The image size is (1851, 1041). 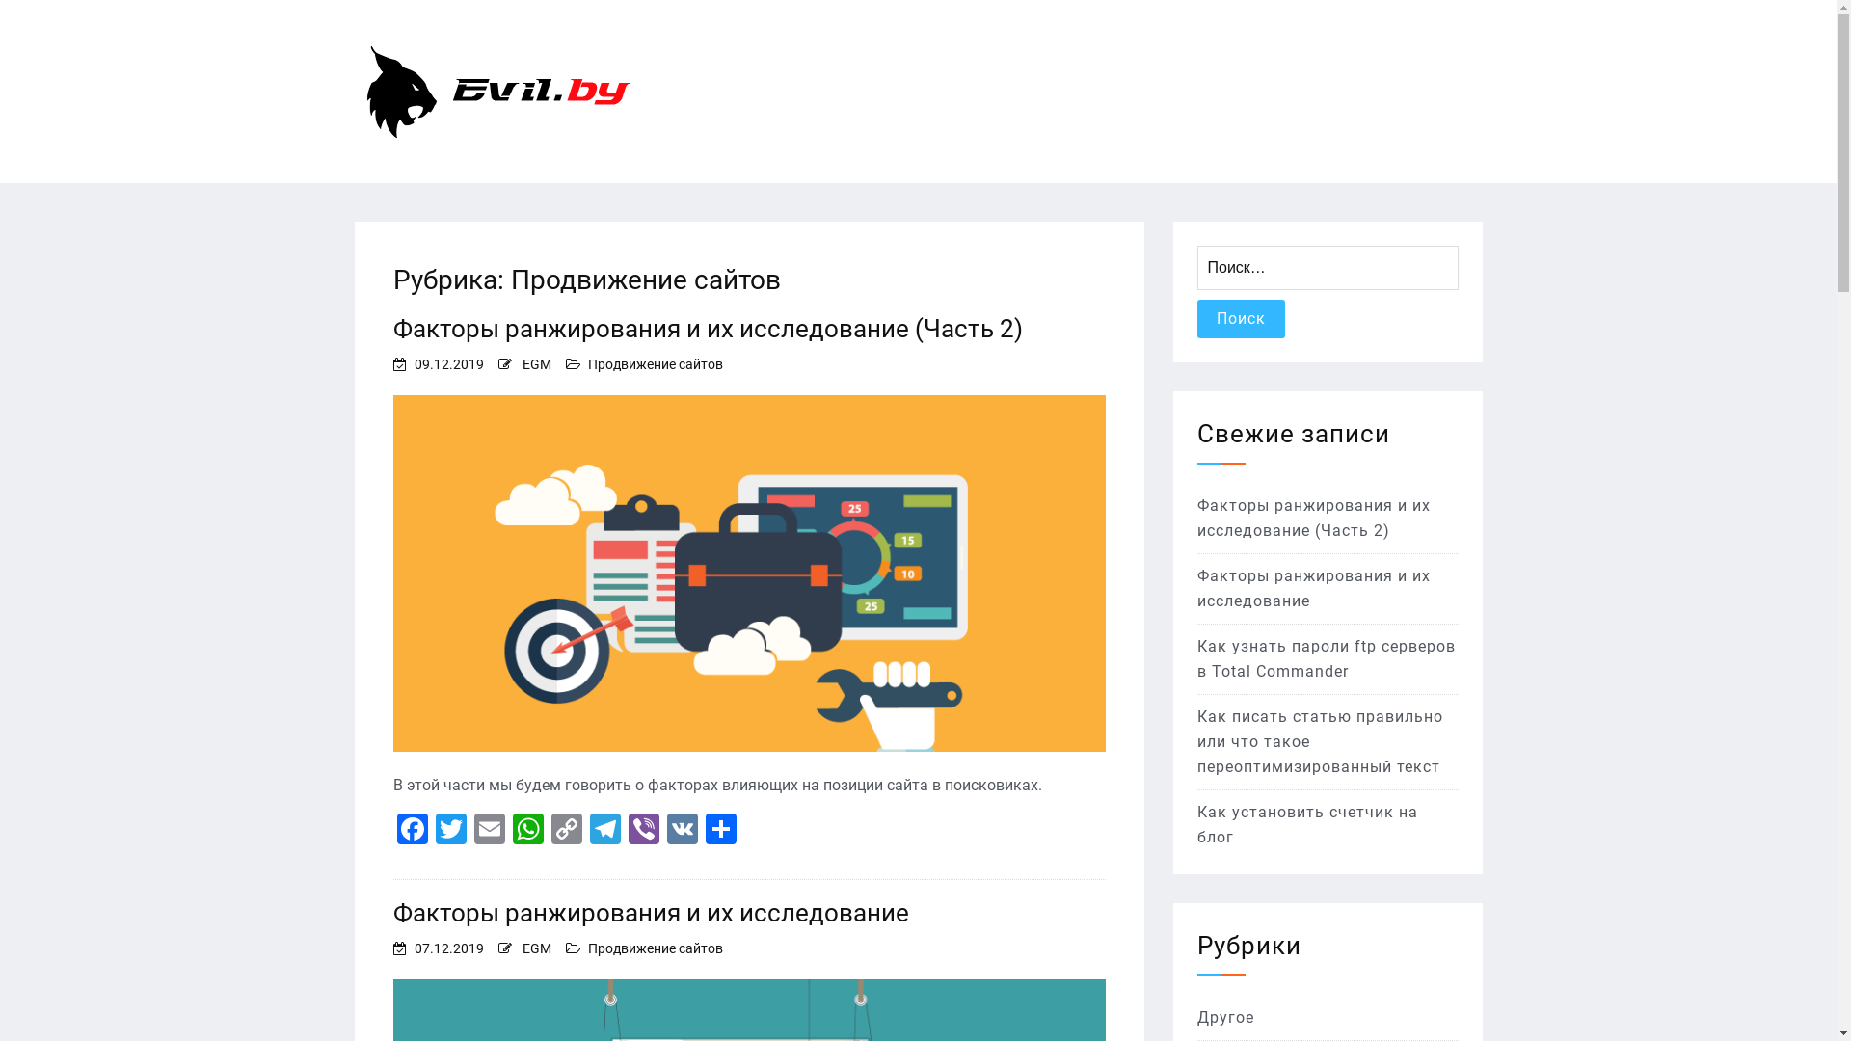 What do you see at coordinates (536, 947) in the screenshot?
I see `'EGM'` at bounding box center [536, 947].